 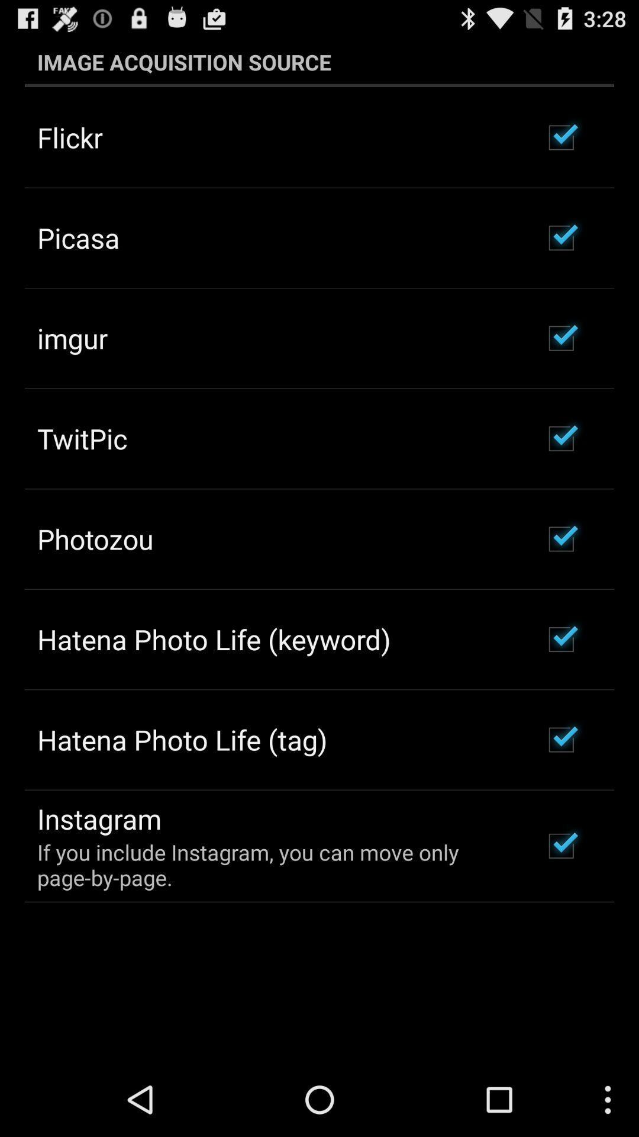 What do you see at coordinates (274, 865) in the screenshot?
I see `the if you include icon` at bounding box center [274, 865].